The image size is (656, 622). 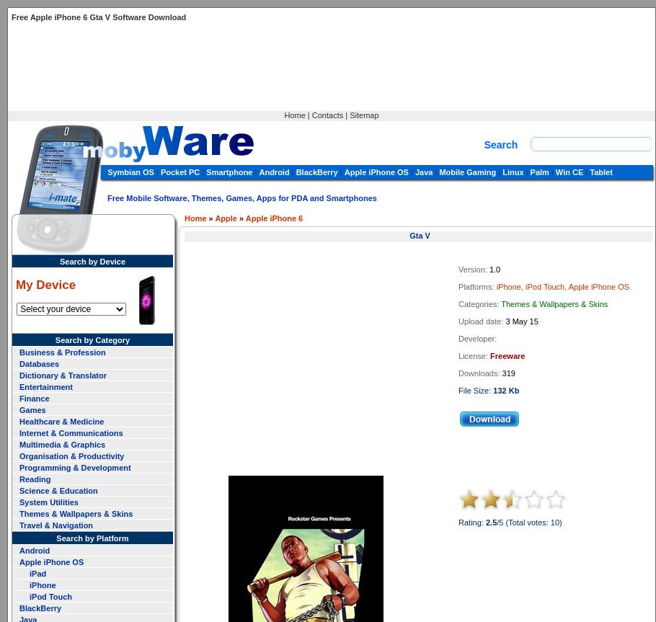 I want to click on 'Finance', so click(x=34, y=397).